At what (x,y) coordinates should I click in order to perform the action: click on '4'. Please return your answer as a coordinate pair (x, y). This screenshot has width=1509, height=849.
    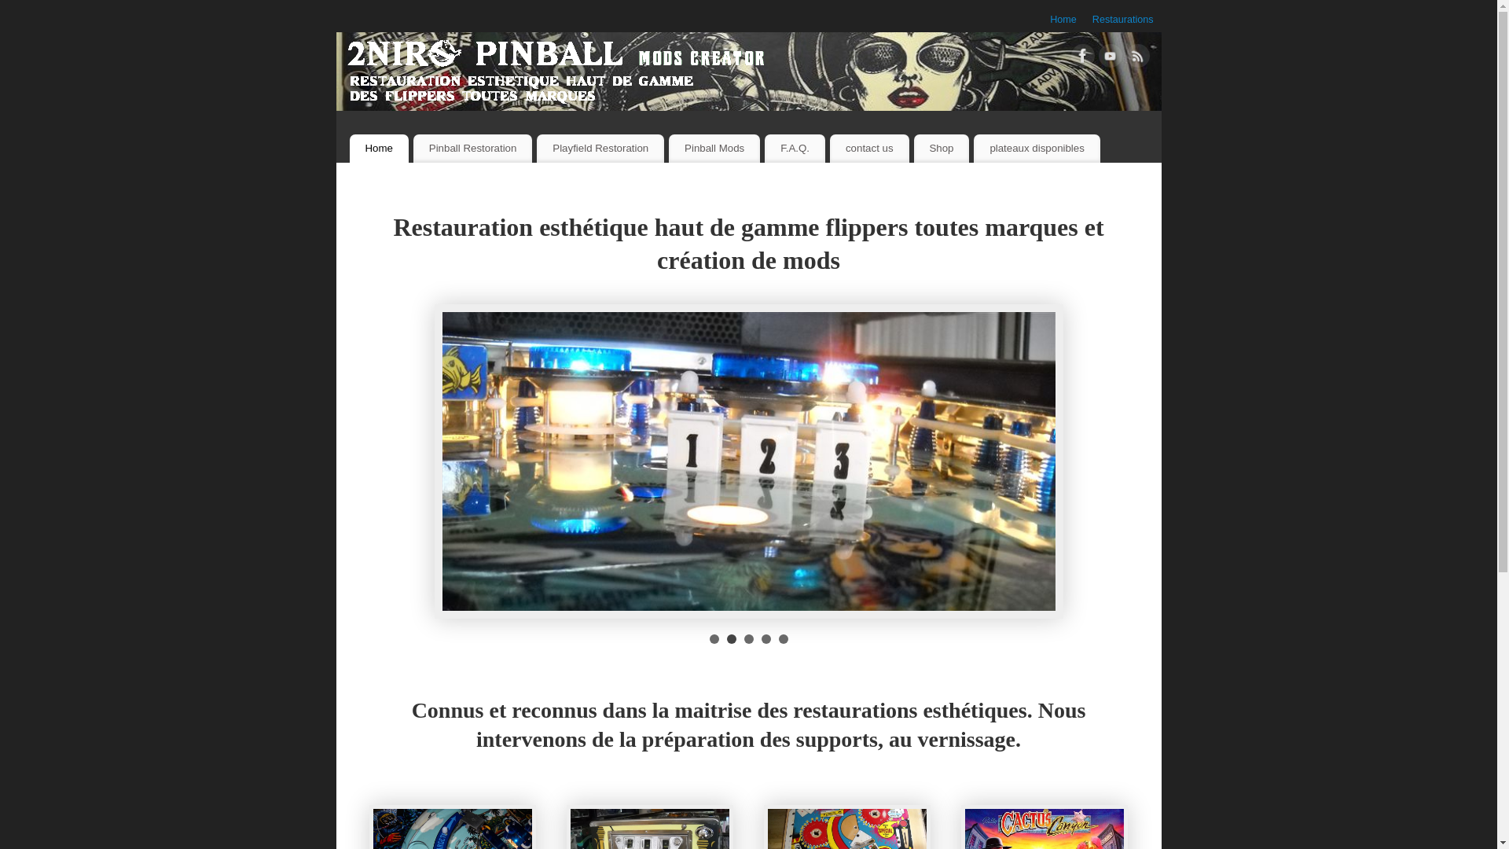
    Looking at the image, I should click on (766, 639).